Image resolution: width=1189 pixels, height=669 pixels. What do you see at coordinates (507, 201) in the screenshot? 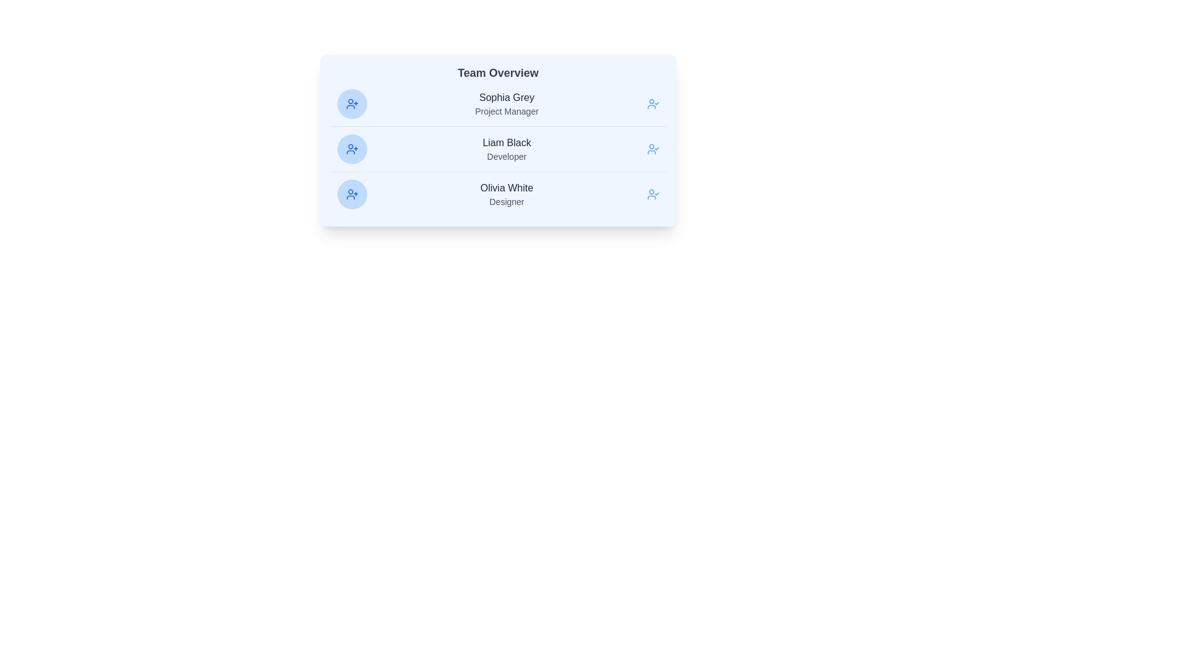
I see `the text label displaying 'Designer' which is located beneath 'Olivia White' in the third row of the Team Overview list` at bounding box center [507, 201].